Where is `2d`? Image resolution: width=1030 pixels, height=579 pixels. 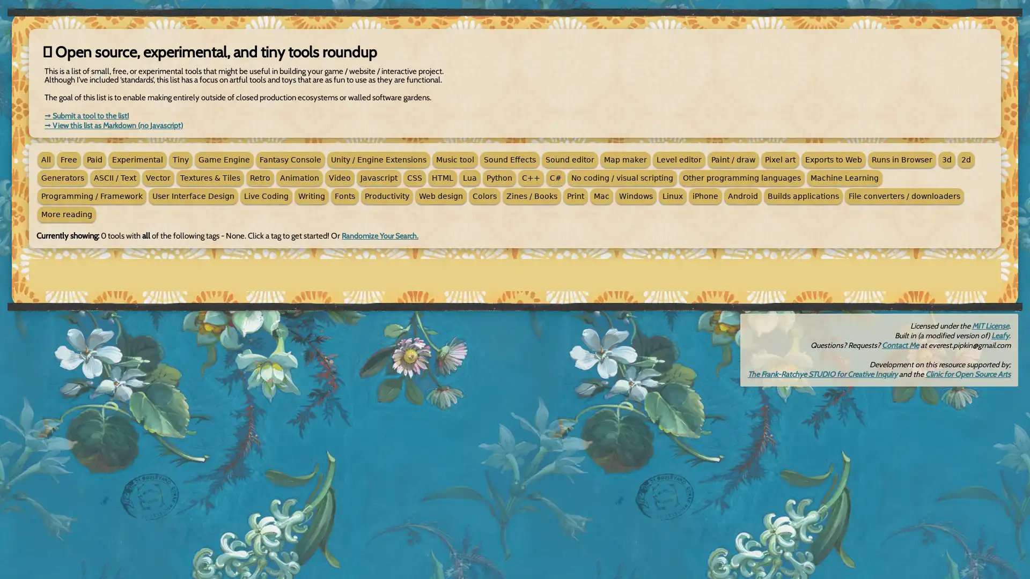
2d is located at coordinates (966, 159).